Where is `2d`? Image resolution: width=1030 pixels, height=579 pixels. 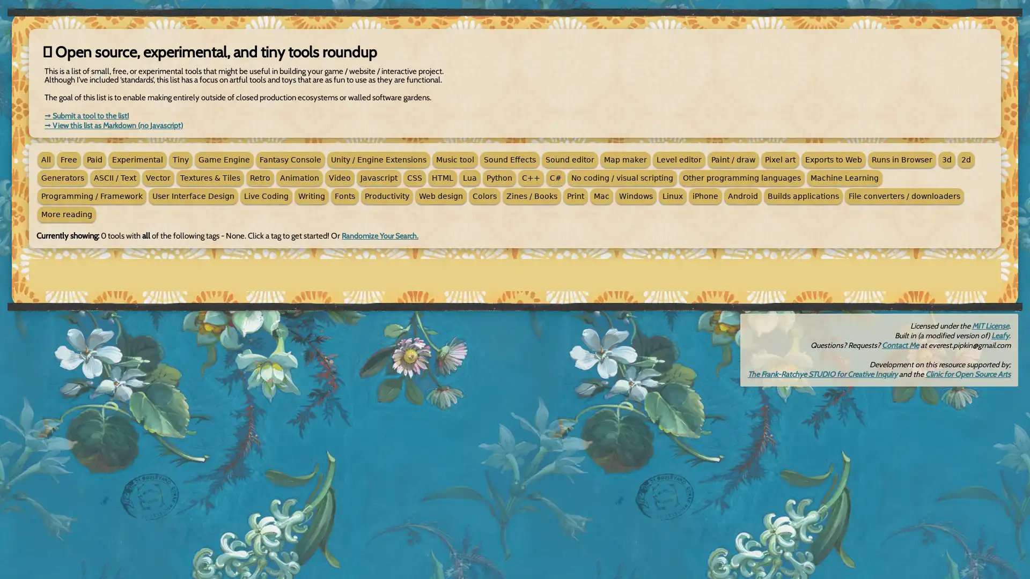
2d is located at coordinates (966, 159).